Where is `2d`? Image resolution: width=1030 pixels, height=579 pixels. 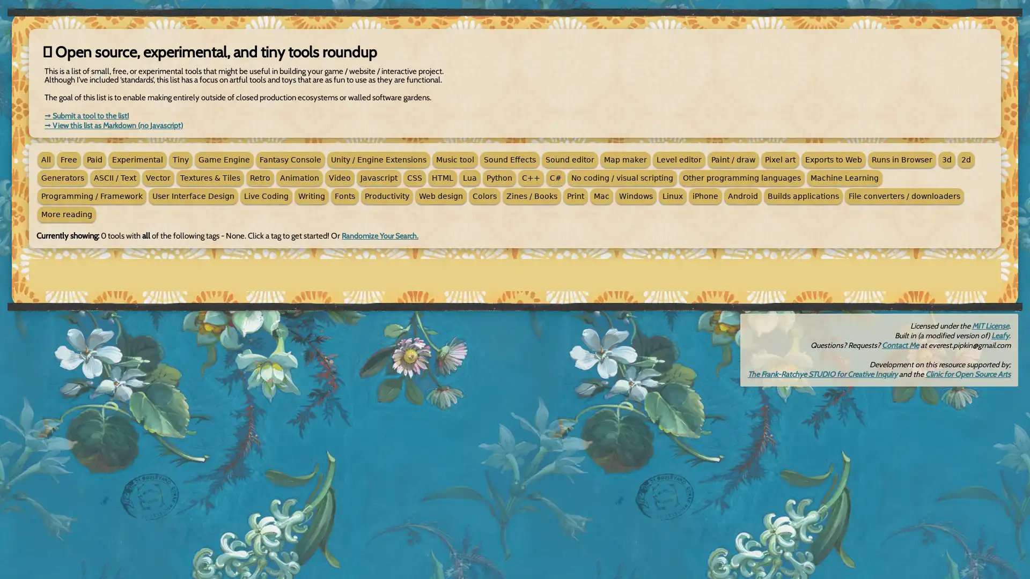
2d is located at coordinates (966, 159).